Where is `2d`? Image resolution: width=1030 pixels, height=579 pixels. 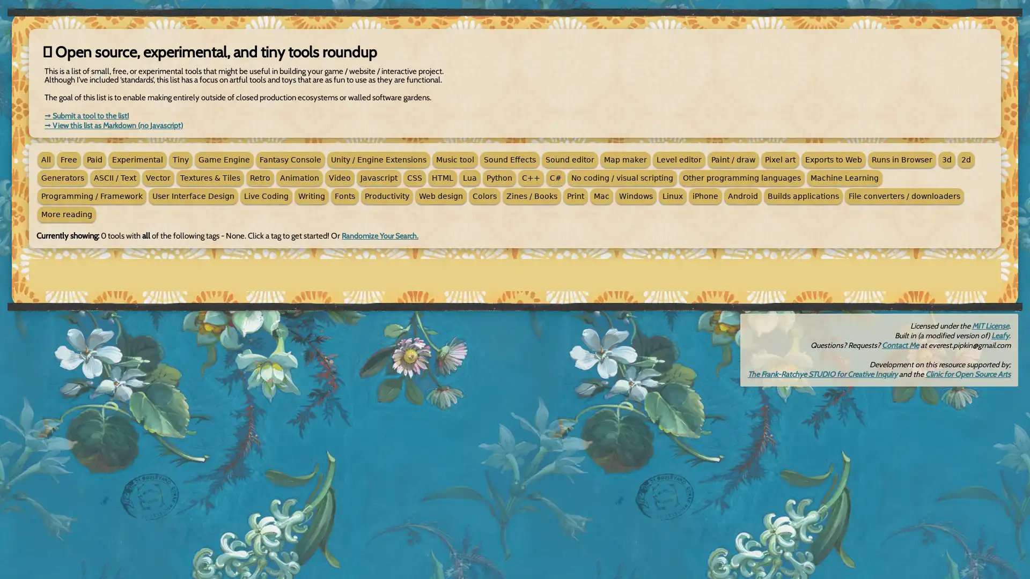
2d is located at coordinates (966, 159).